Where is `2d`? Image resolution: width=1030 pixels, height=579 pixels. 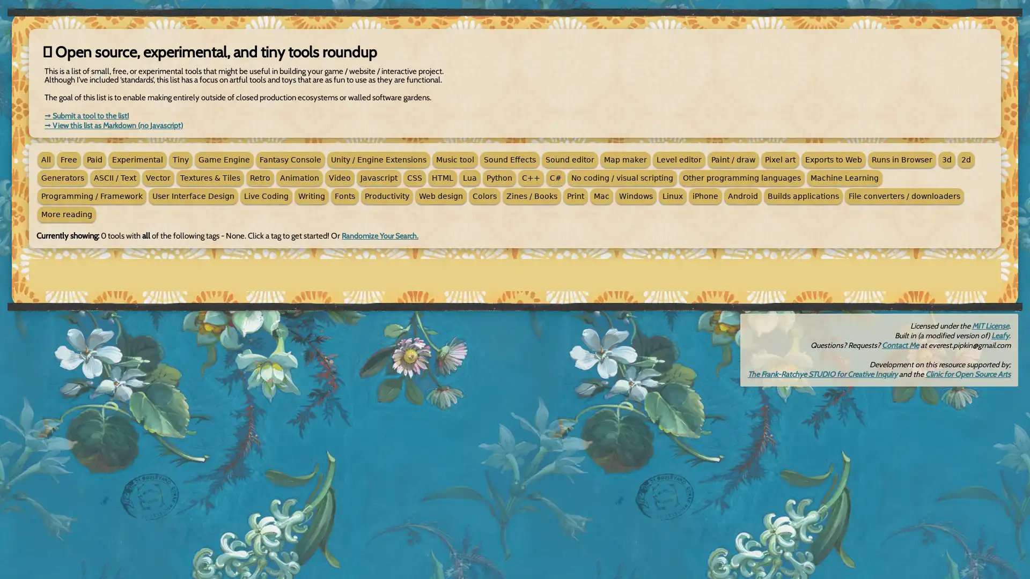
2d is located at coordinates (966, 159).